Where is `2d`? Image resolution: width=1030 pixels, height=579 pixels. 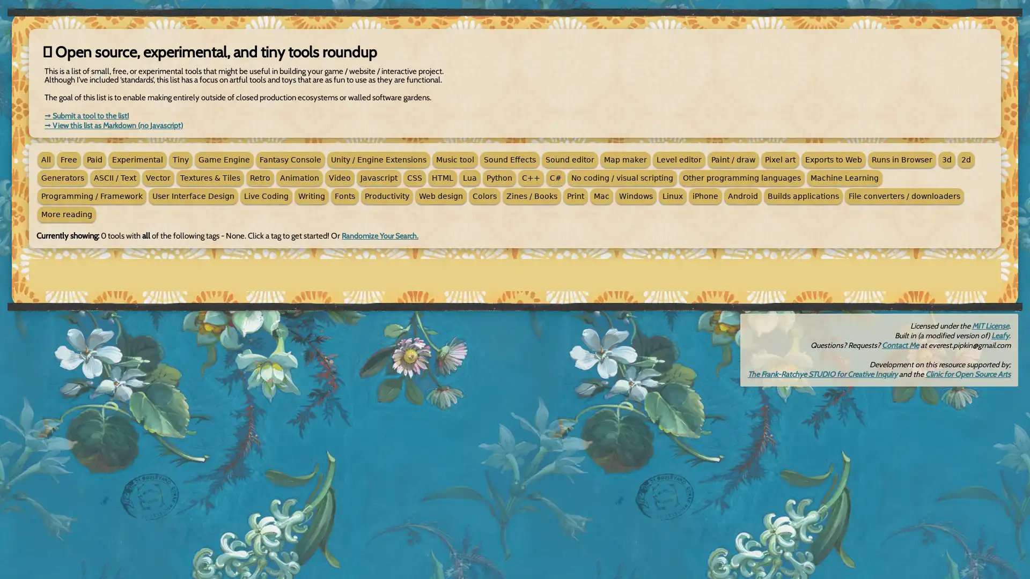
2d is located at coordinates (966, 159).